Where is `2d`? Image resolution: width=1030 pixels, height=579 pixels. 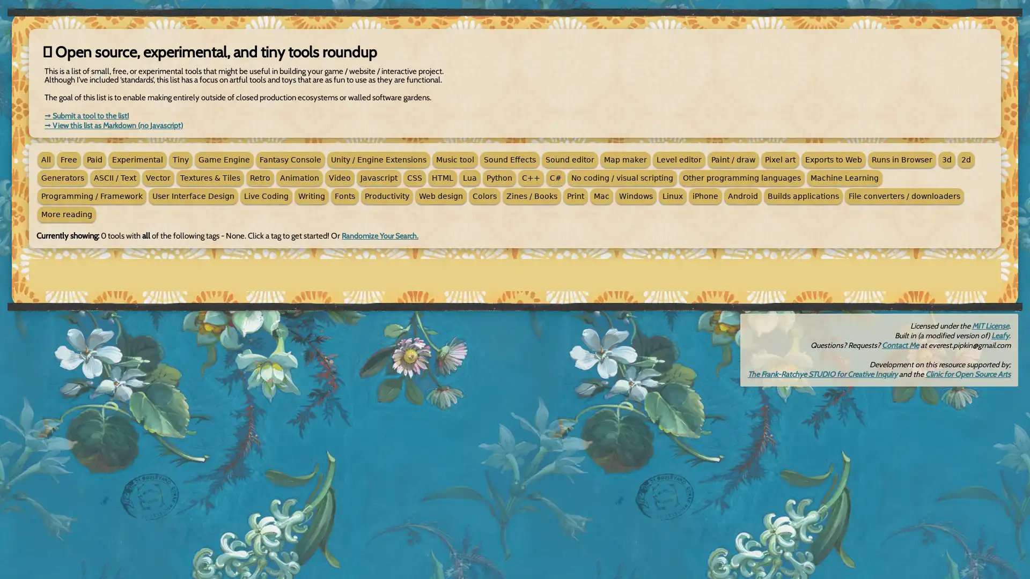
2d is located at coordinates (966, 159).